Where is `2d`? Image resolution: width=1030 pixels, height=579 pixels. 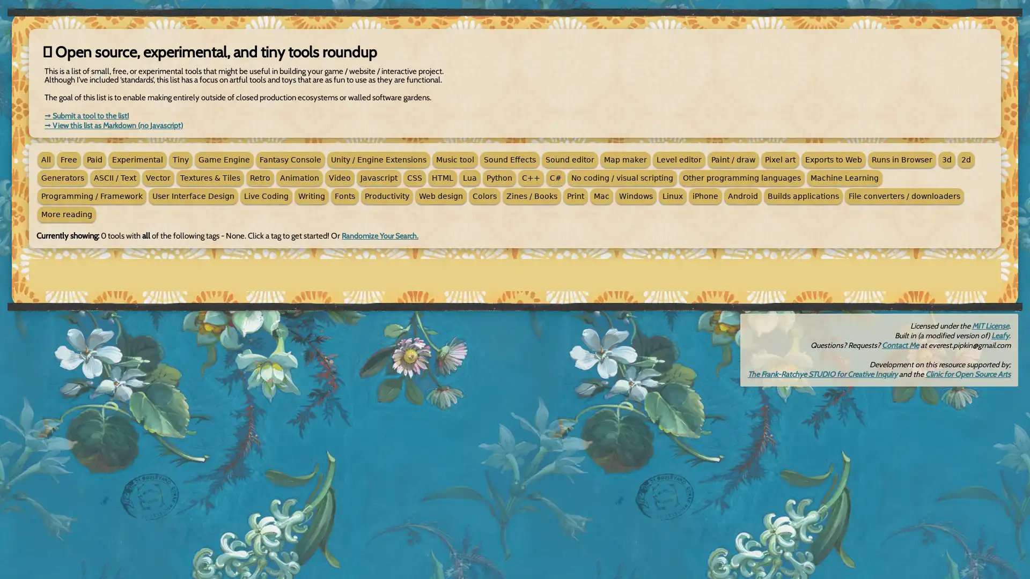
2d is located at coordinates (966, 159).